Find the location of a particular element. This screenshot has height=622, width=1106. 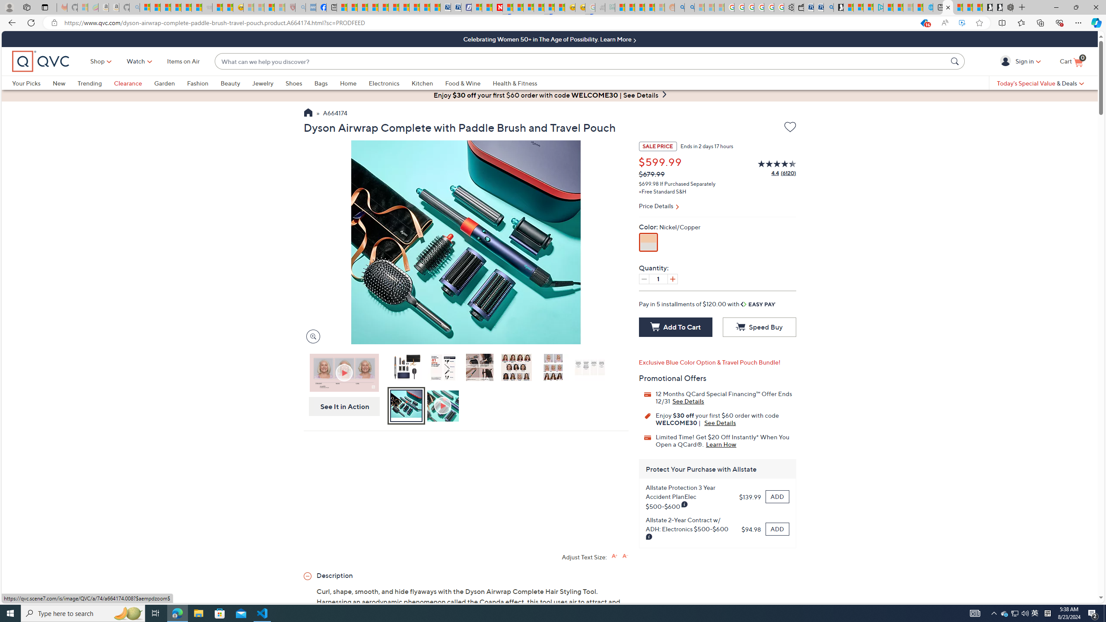

'Electronics' is located at coordinates (389, 83).